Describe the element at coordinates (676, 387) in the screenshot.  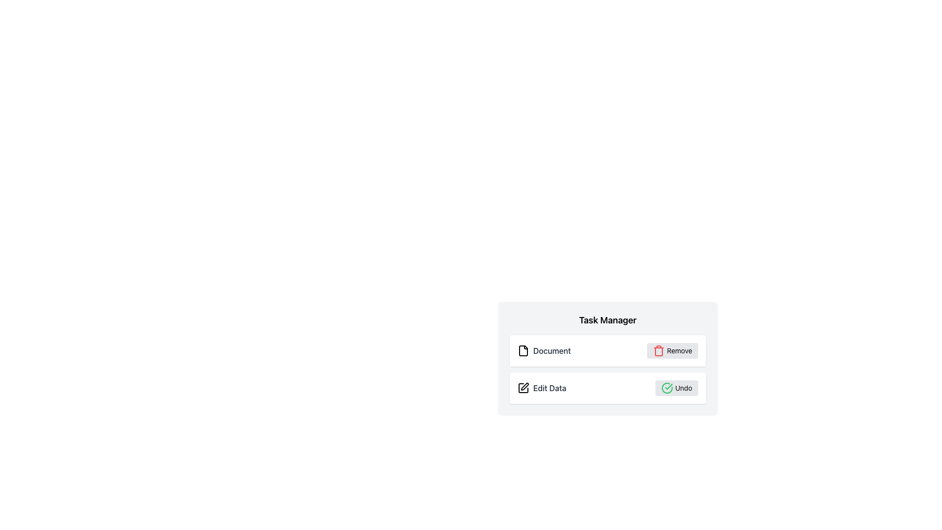
I see `the undo button located in the lower right corner of the 'Task Manager' card, adjacent to the 'Edit Data' text for accessibility navigation` at that location.